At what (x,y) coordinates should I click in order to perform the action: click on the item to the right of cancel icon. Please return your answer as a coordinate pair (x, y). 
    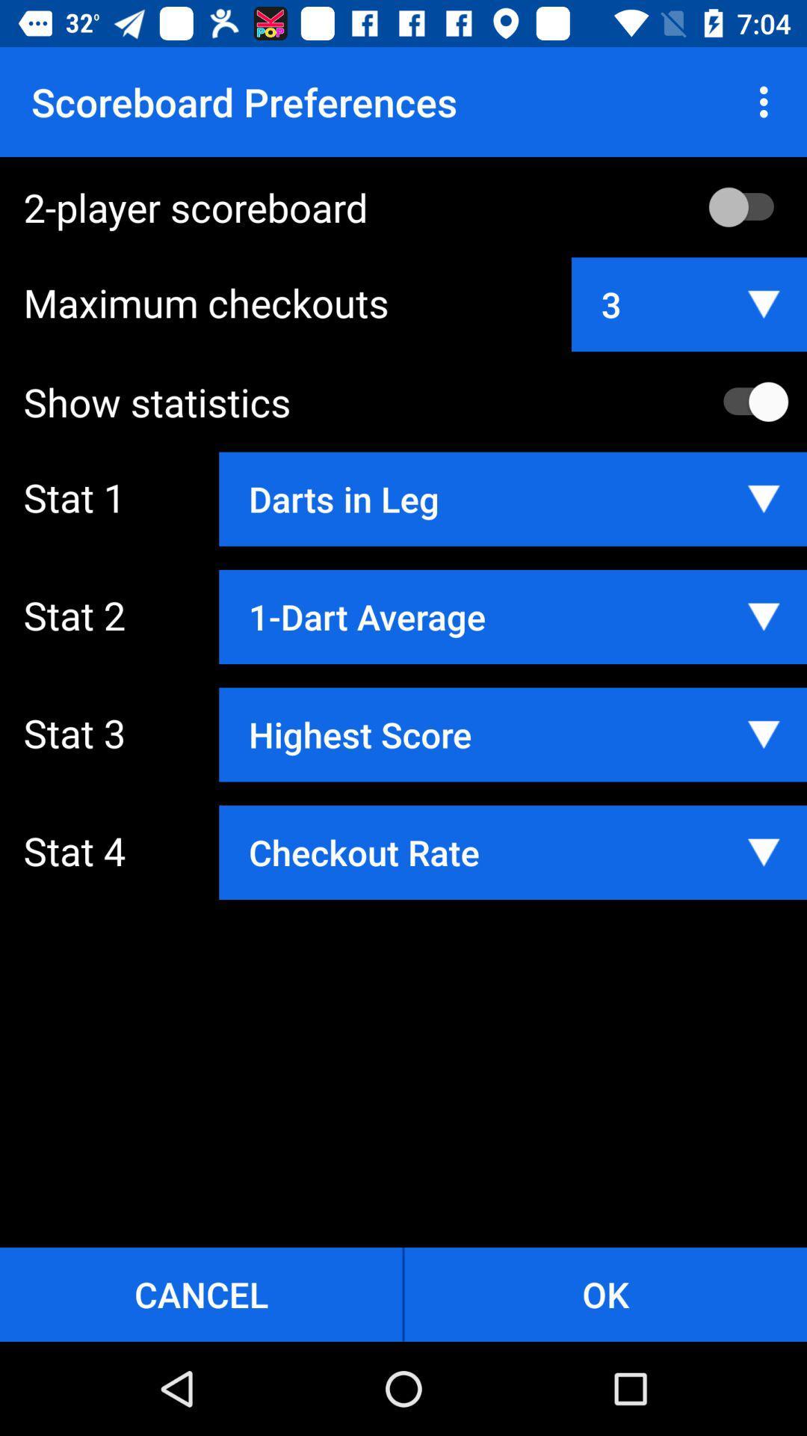
    Looking at the image, I should click on (605, 1294).